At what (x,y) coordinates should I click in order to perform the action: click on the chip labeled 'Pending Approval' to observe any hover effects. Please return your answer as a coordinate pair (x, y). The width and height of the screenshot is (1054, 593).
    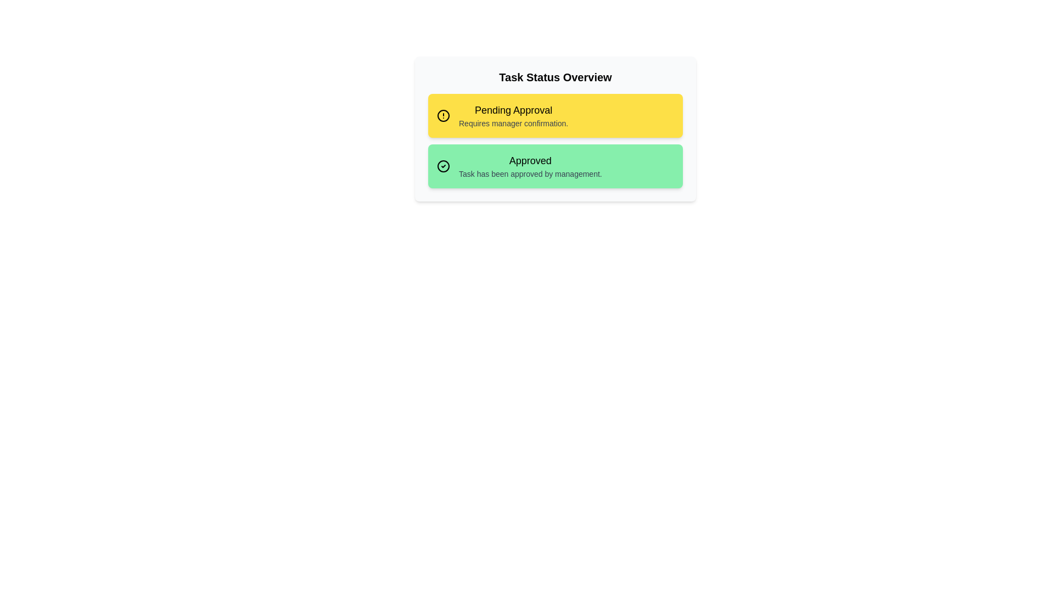
    Looking at the image, I should click on (556, 116).